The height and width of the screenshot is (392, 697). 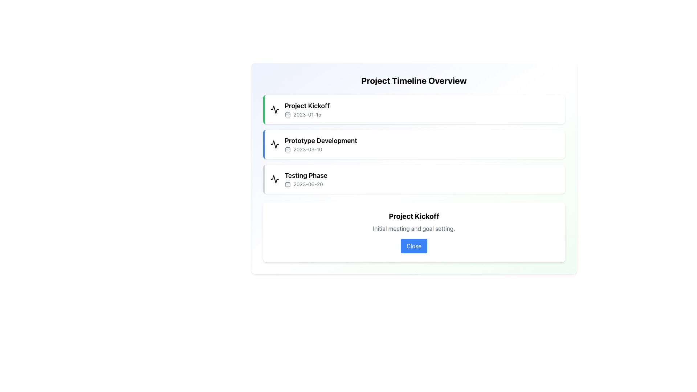 I want to click on the activity icon located in the left section of the 'Prototype Development' entry within the project timeline by moving the cursor to its center, so click(x=274, y=144).